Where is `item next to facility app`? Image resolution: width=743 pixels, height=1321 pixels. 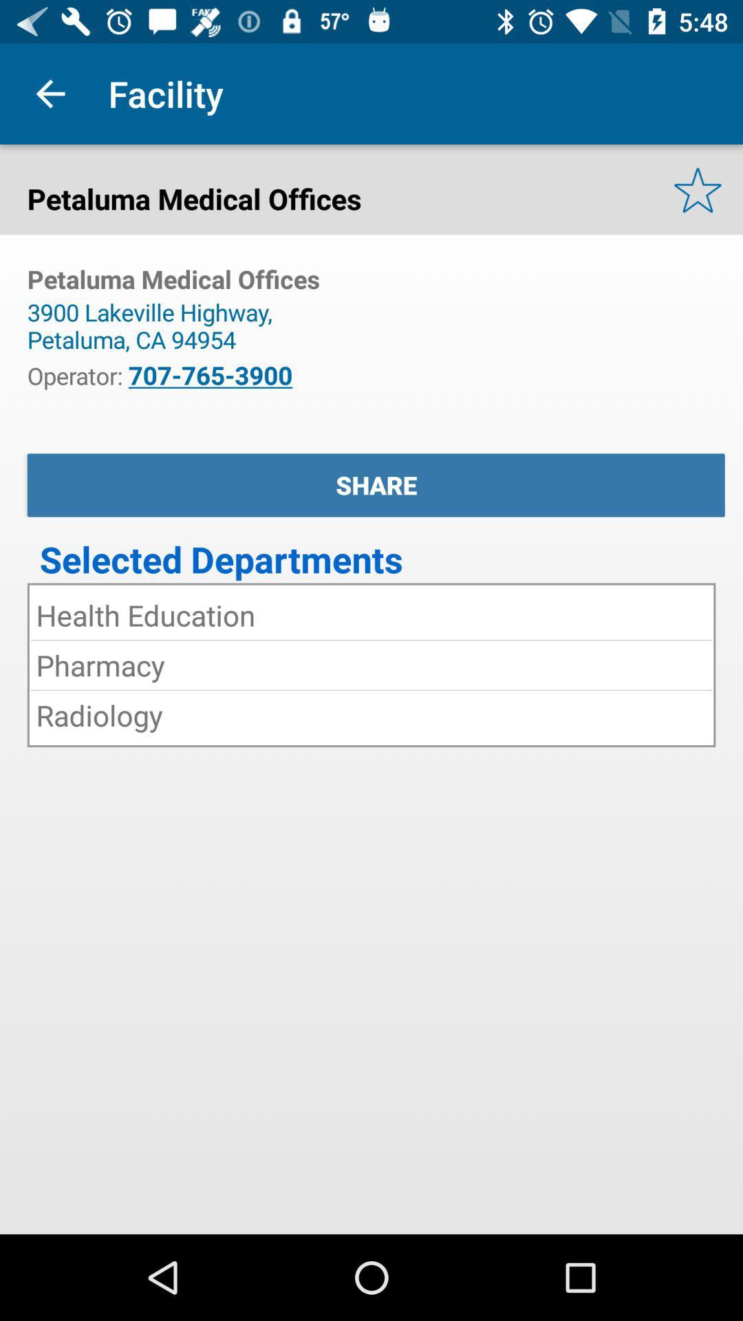
item next to facility app is located at coordinates (50, 93).